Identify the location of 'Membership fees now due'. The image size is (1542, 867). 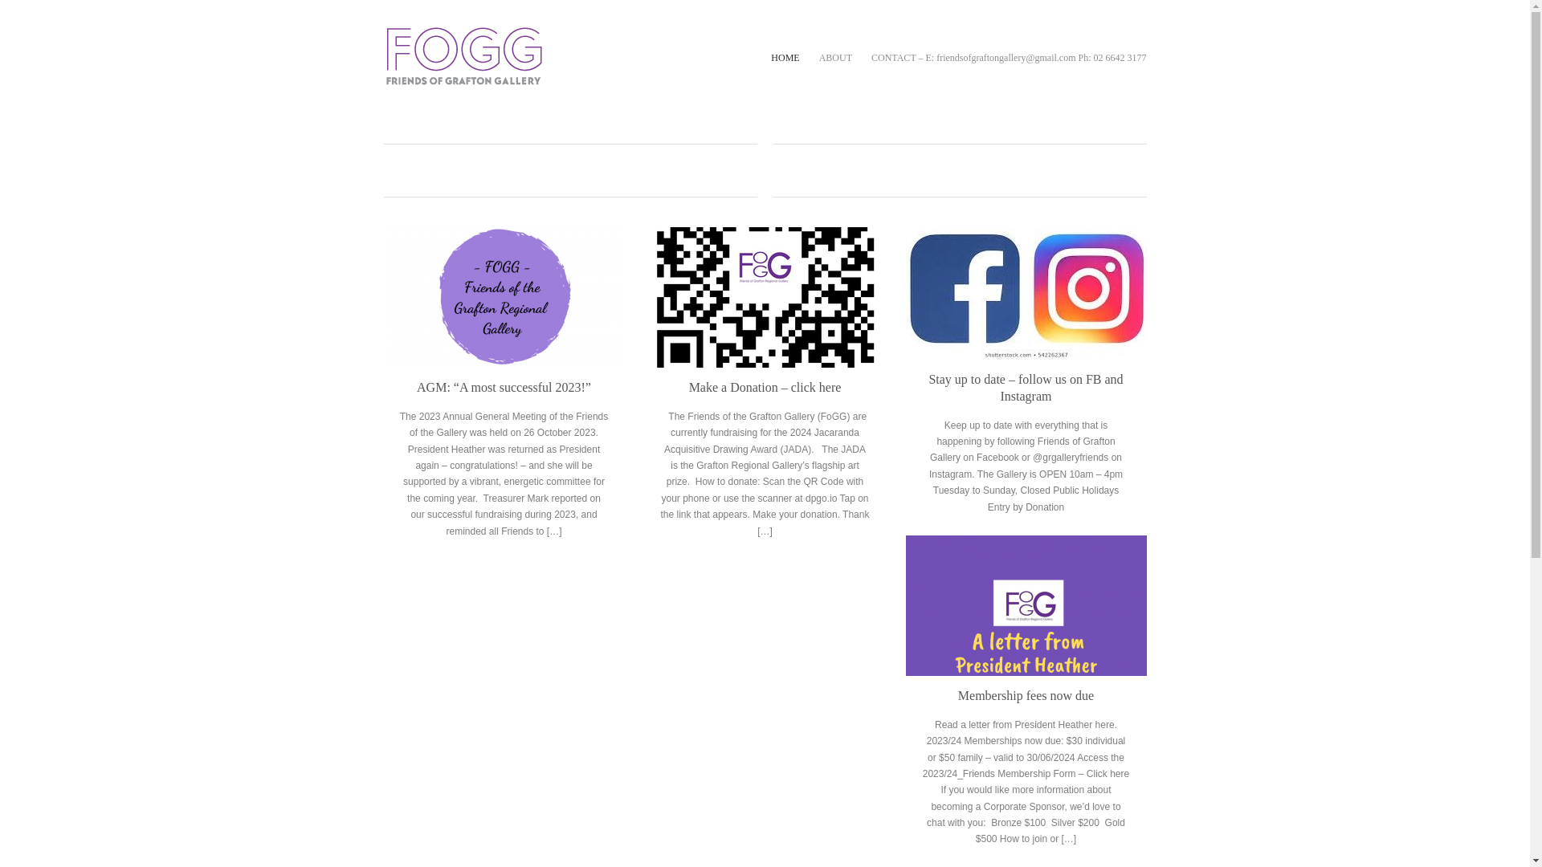
(1025, 605).